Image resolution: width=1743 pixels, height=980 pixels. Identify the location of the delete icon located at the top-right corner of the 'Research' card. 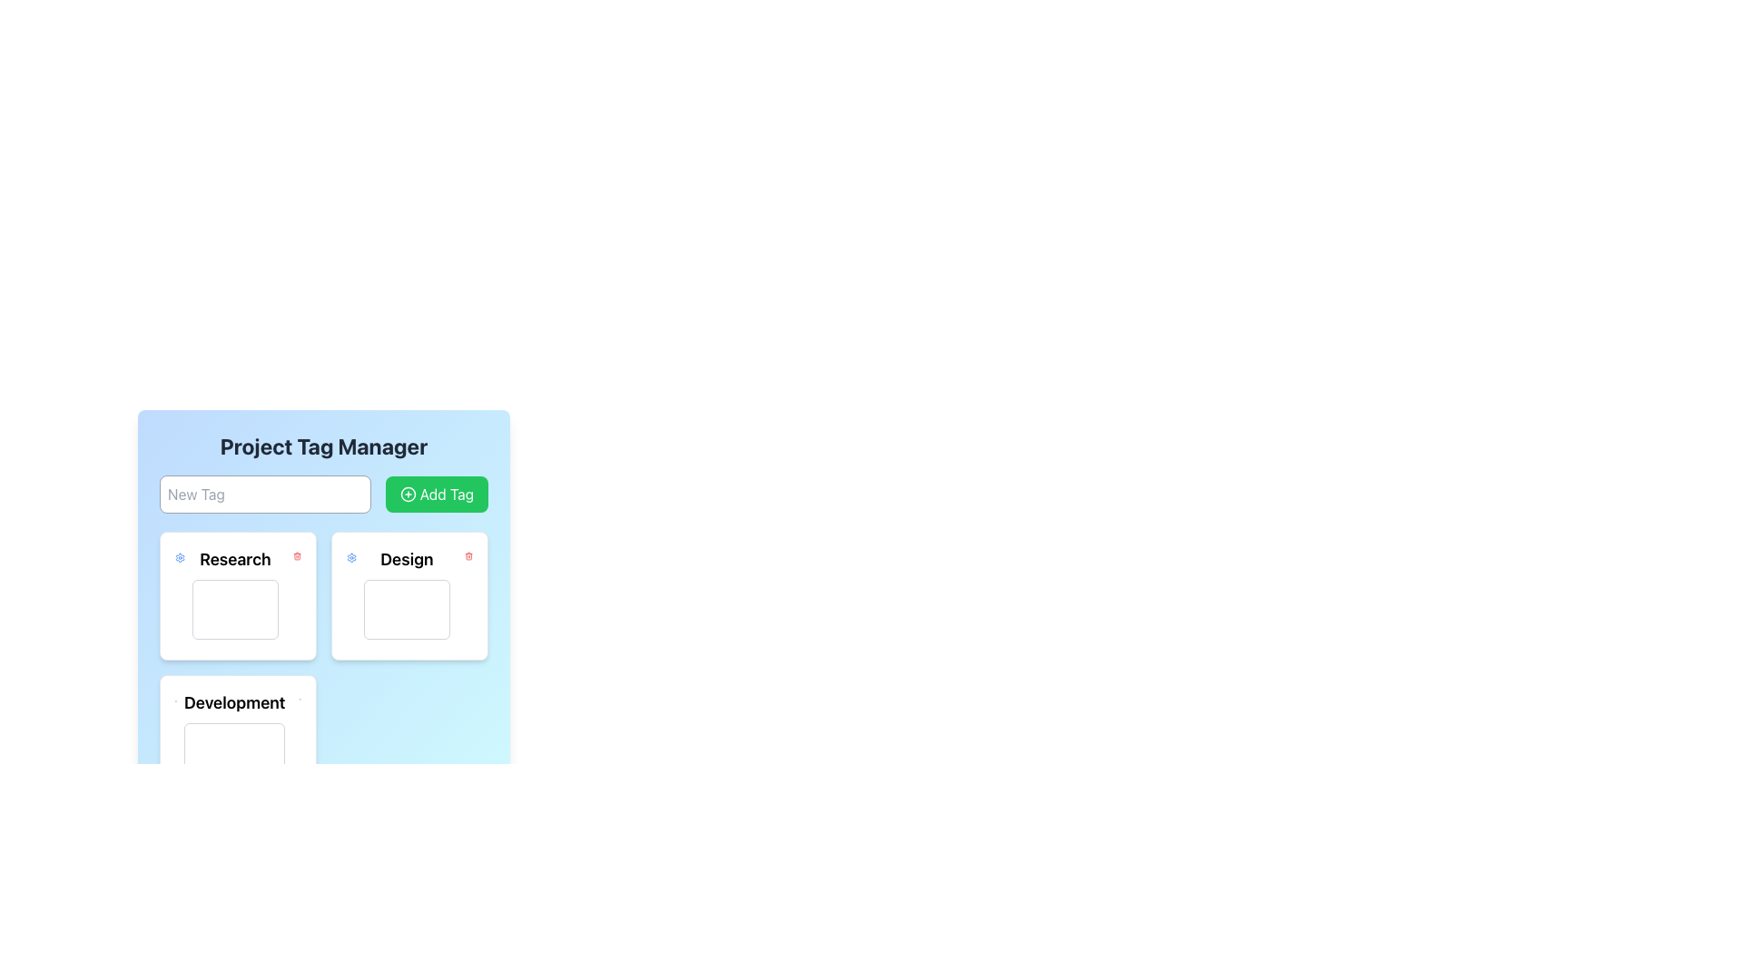
(297, 555).